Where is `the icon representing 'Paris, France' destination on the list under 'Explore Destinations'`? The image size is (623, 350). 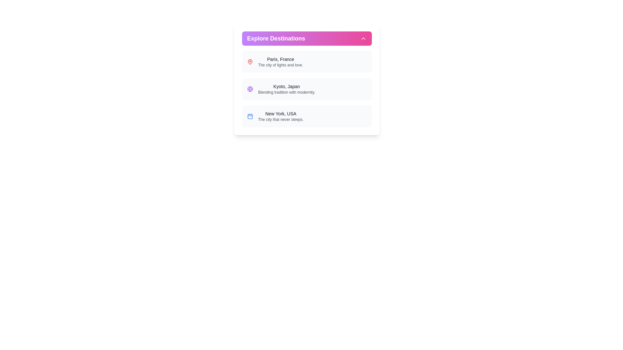
the icon representing 'Paris, France' destination on the list under 'Explore Destinations' is located at coordinates (250, 62).